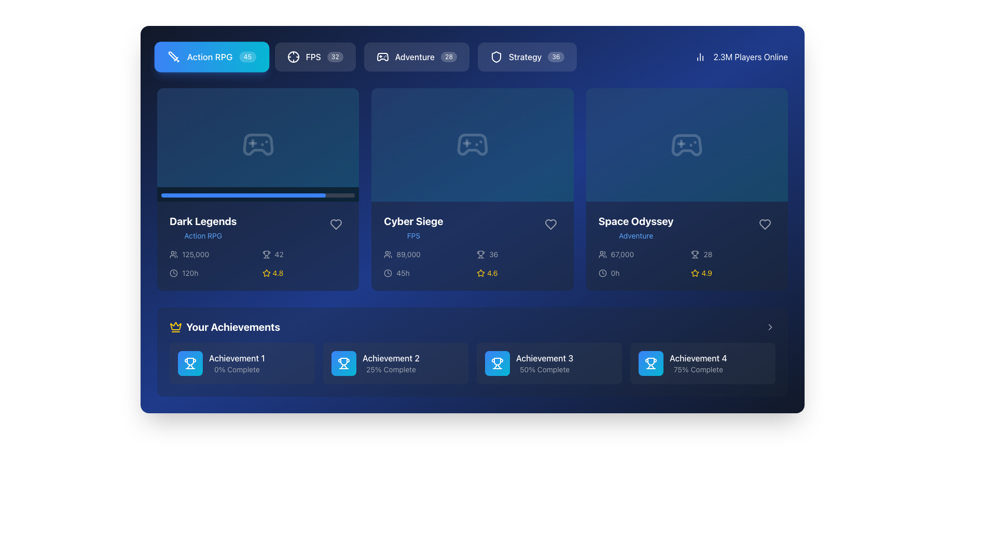 This screenshot has height=560, width=996. I want to click on the 'Achievement 4' informational display element, which shows '75% Complete' below it, located in the 'Your Achievements' section to the far right, so click(702, 363).